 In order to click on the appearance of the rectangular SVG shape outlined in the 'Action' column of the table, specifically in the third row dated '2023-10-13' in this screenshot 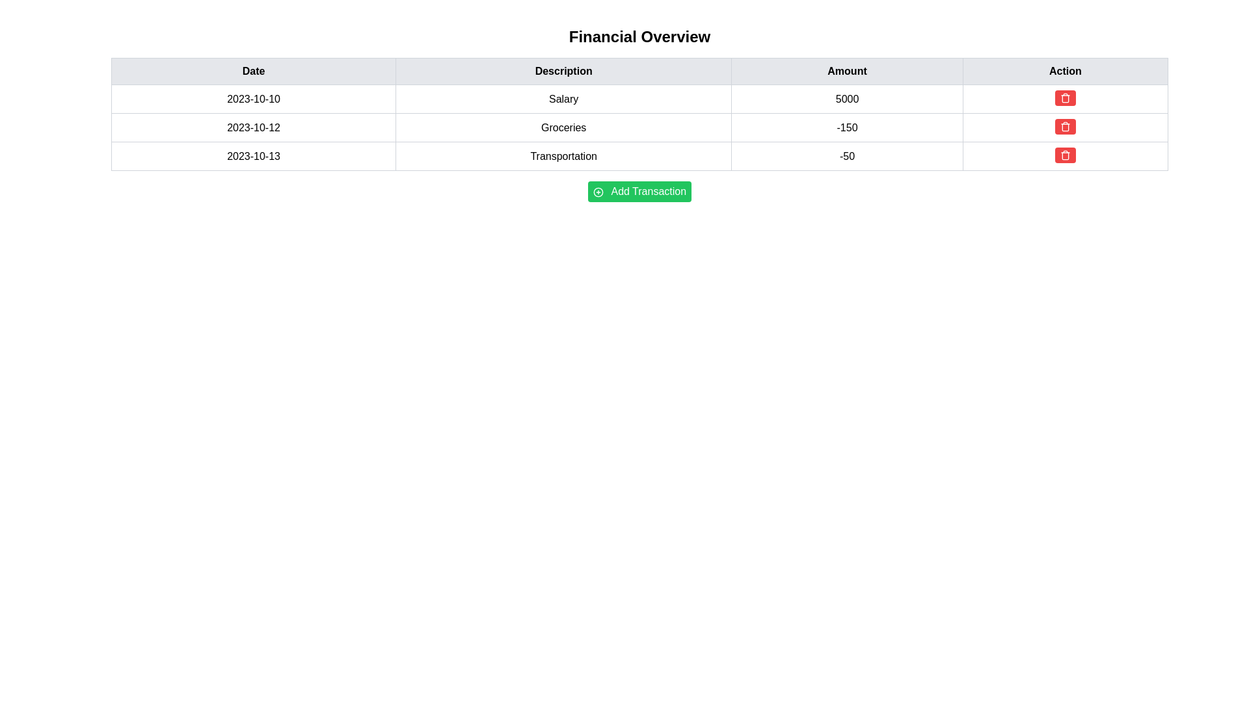, I will do `click(1065, 127)`.